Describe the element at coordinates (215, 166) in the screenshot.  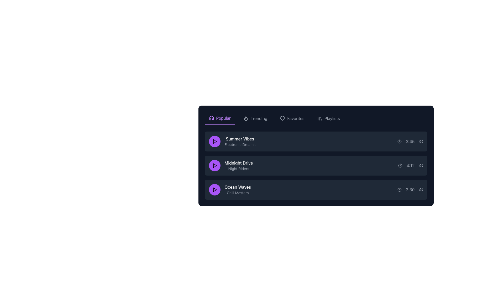
I see `the second play button for the 'Midnight Drive' track` at that location.